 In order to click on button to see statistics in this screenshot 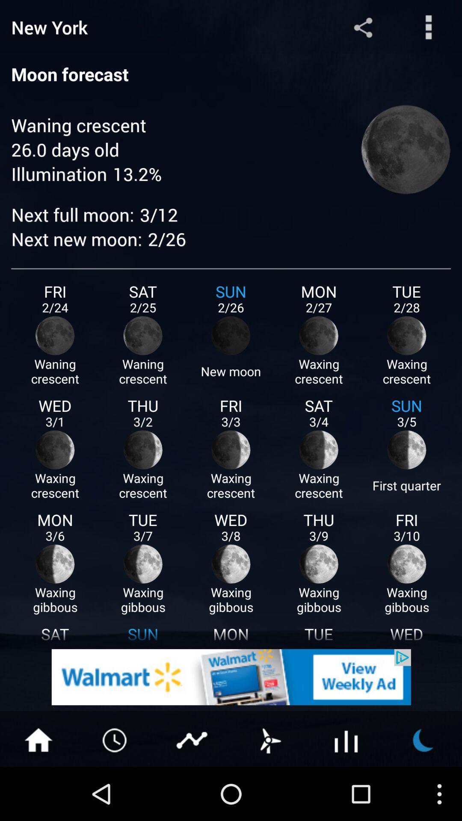, I will do `click(346, 739)`.